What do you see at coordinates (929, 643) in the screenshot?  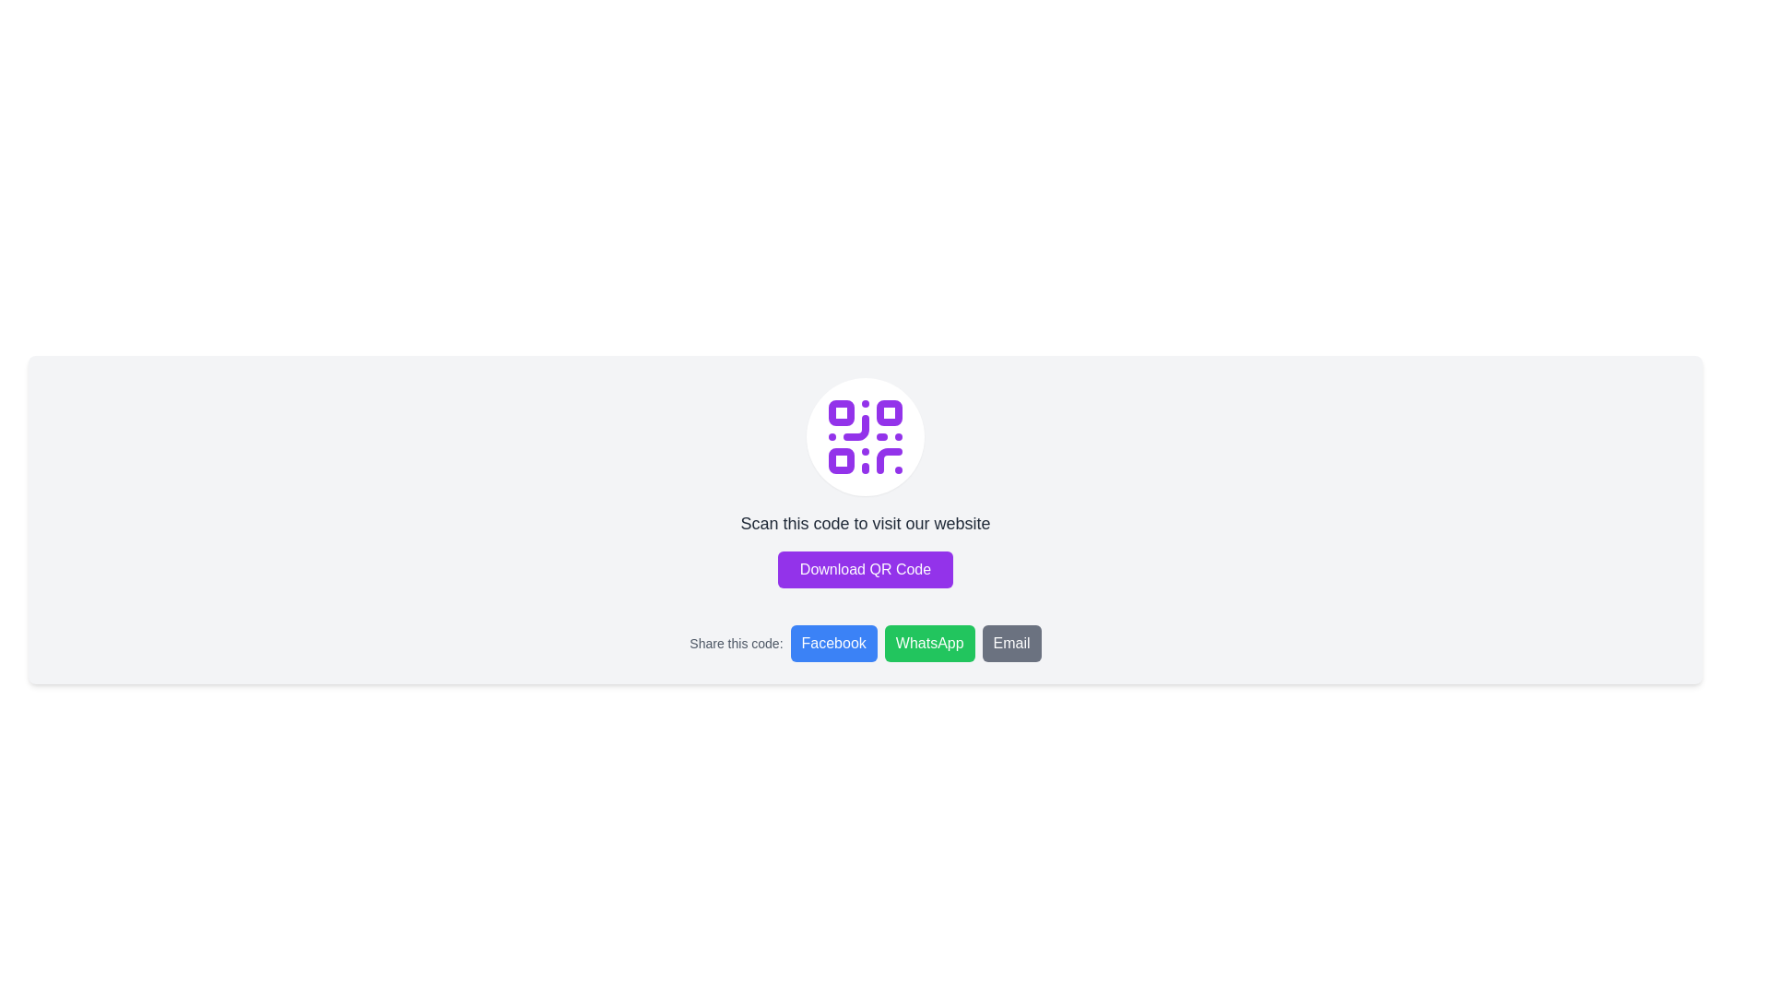 I see `the green 'WhatsApp' button with rounded corners` at bounding box center [929, 643].